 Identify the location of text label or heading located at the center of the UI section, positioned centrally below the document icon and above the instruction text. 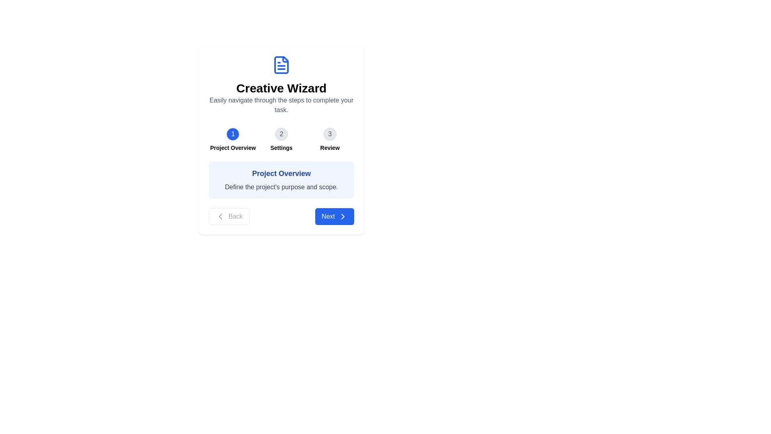
(281, 88).